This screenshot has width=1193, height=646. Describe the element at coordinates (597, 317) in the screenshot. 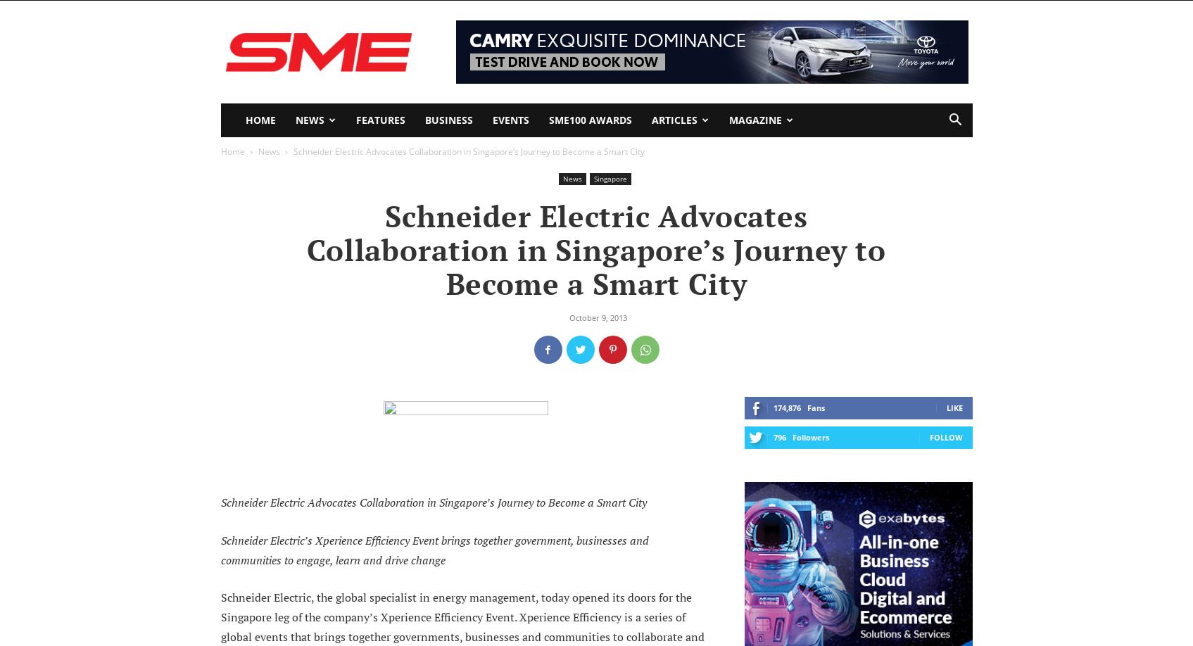

I see `'October 9, 2013'` at that location.